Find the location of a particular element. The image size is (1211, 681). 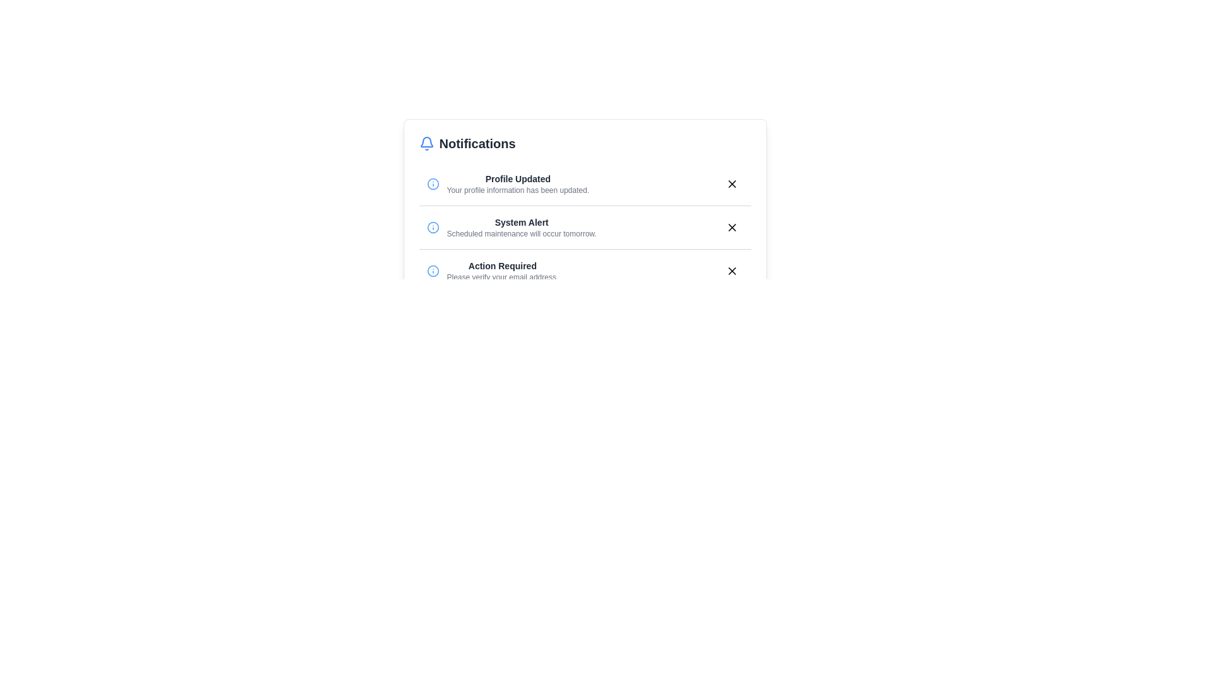

the 'X' button located at the rightmost end of the 'System Alert' notification row is located at coordinates (732, 228).